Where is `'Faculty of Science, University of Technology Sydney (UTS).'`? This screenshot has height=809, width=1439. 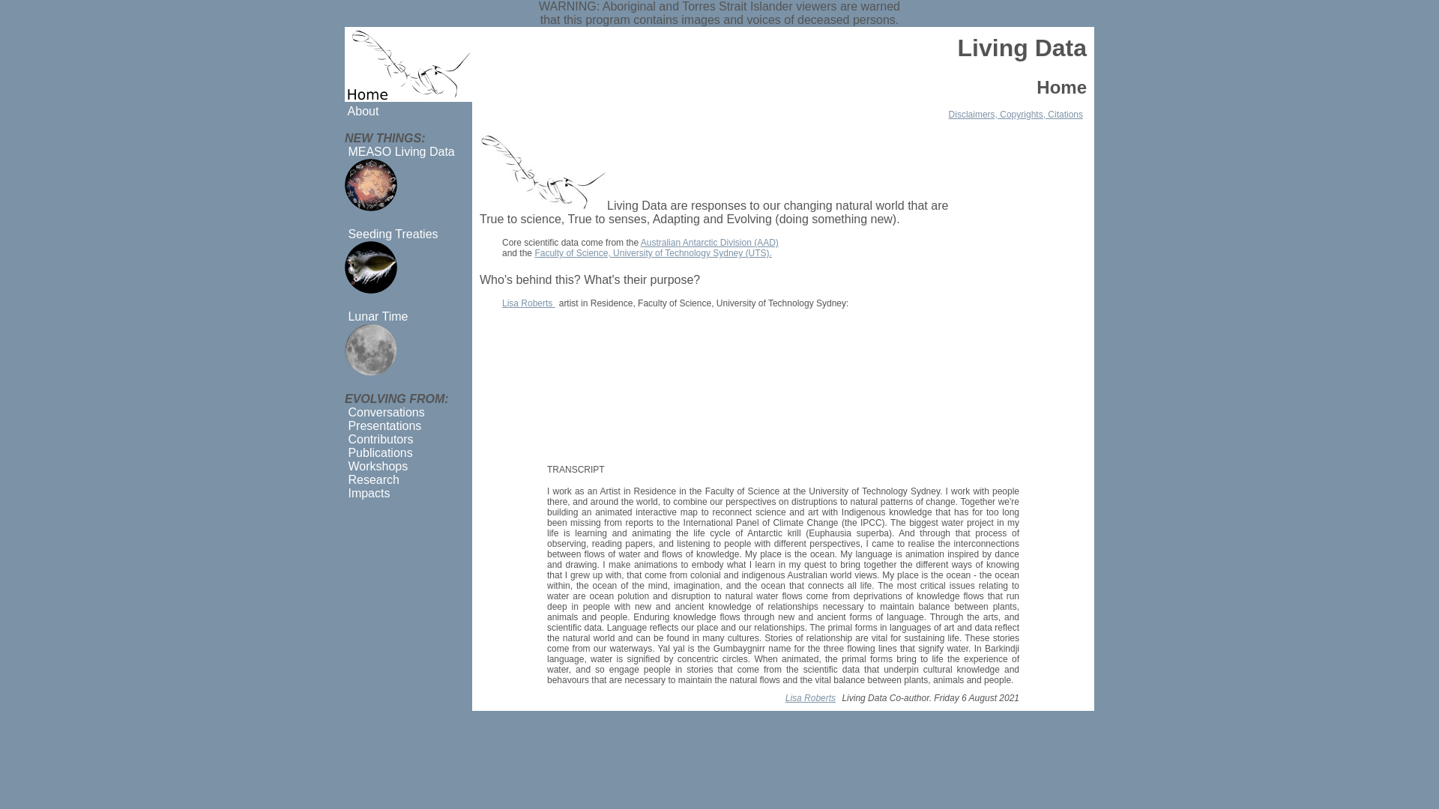
'Faculty of Science, University of Technology Sydney (UTS).' is located at coordinates (654, 252).